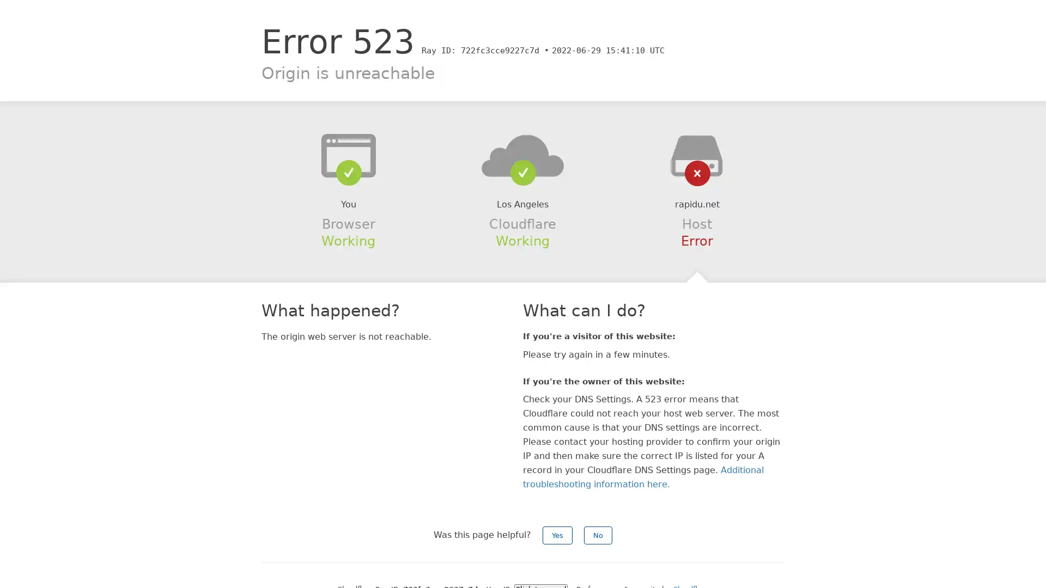  What do you see at coordinates (557, 535) in the screenshot?
I see `Yes` at bounding box center [557, 535].